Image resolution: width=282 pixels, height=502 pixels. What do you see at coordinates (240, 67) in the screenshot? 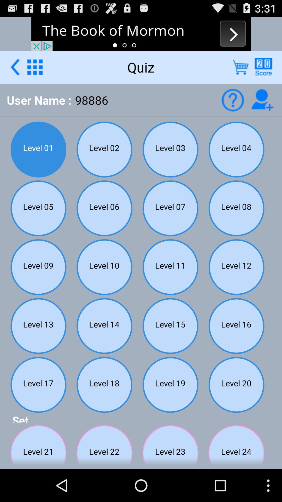
I see `cart` at bounding box center [240, 67].